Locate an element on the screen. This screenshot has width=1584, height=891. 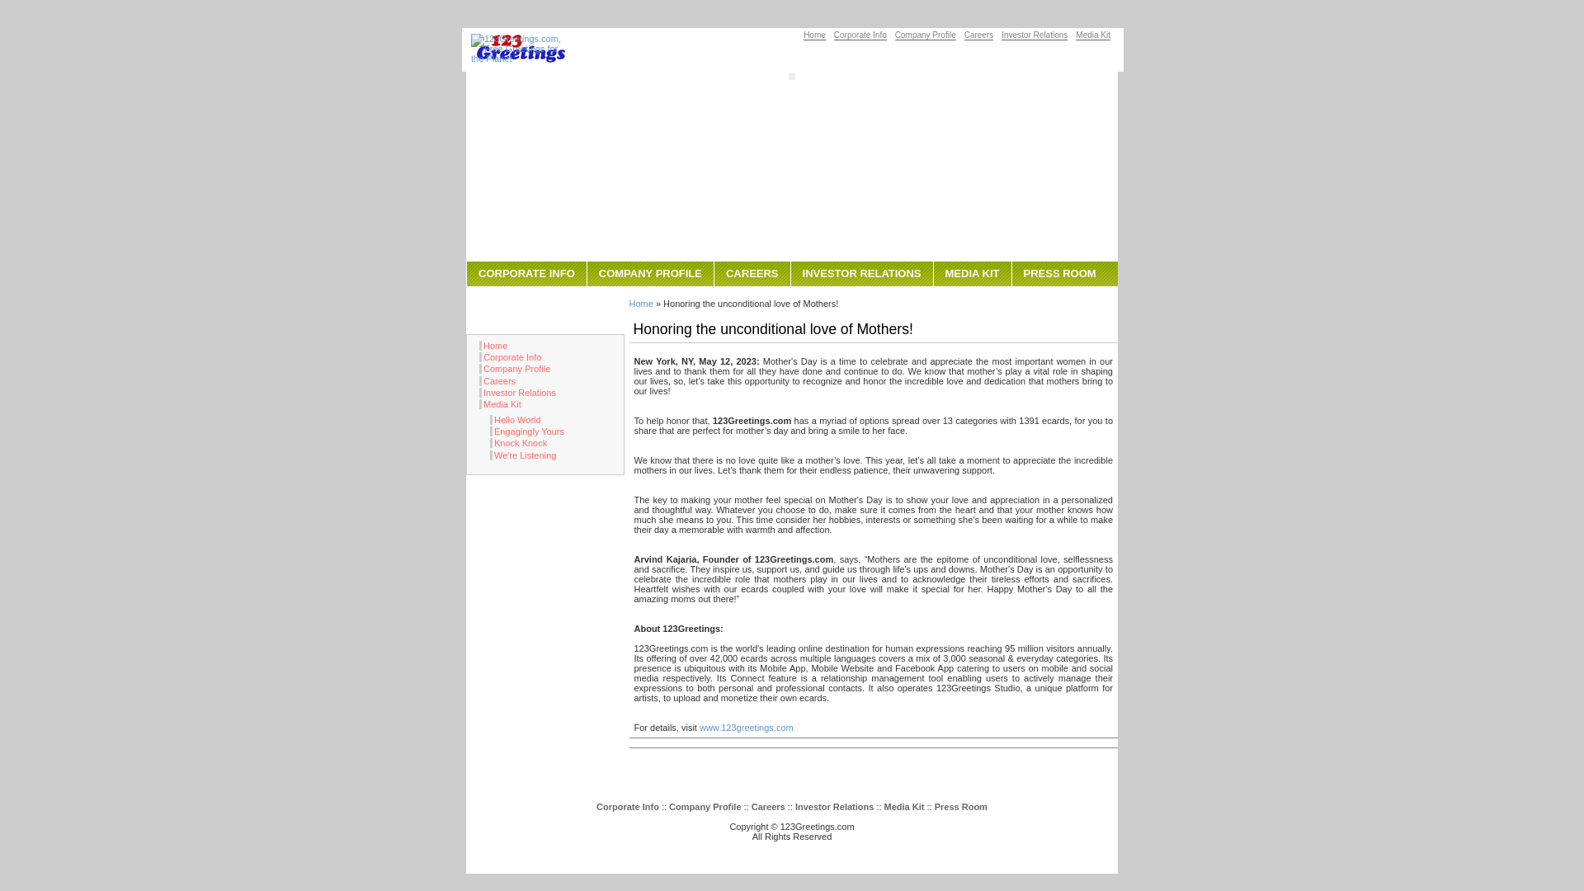
'Careers' is located at coordinates (978, 35).